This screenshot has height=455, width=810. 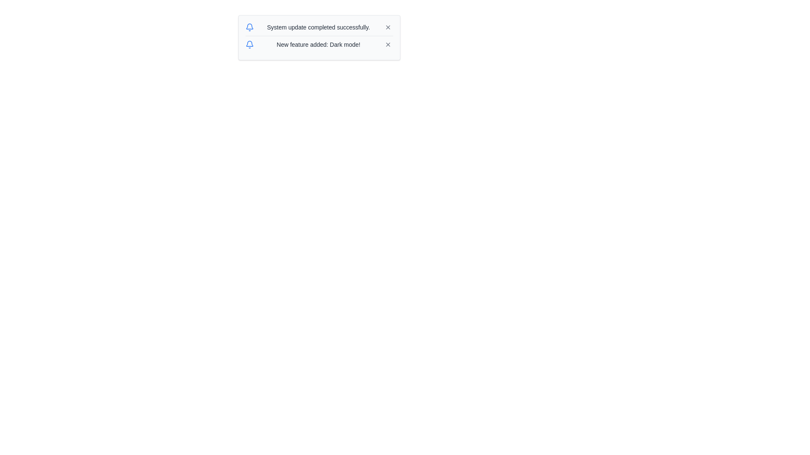 What do you see at coordinates (318, 44) in the screenshot?
I see `the Text Display element that shows the notification 'New feature added: Dark mode!' which is styled in gray and positioned between a blue bell icon and an interactive X button` at bounding box center [318, 44].